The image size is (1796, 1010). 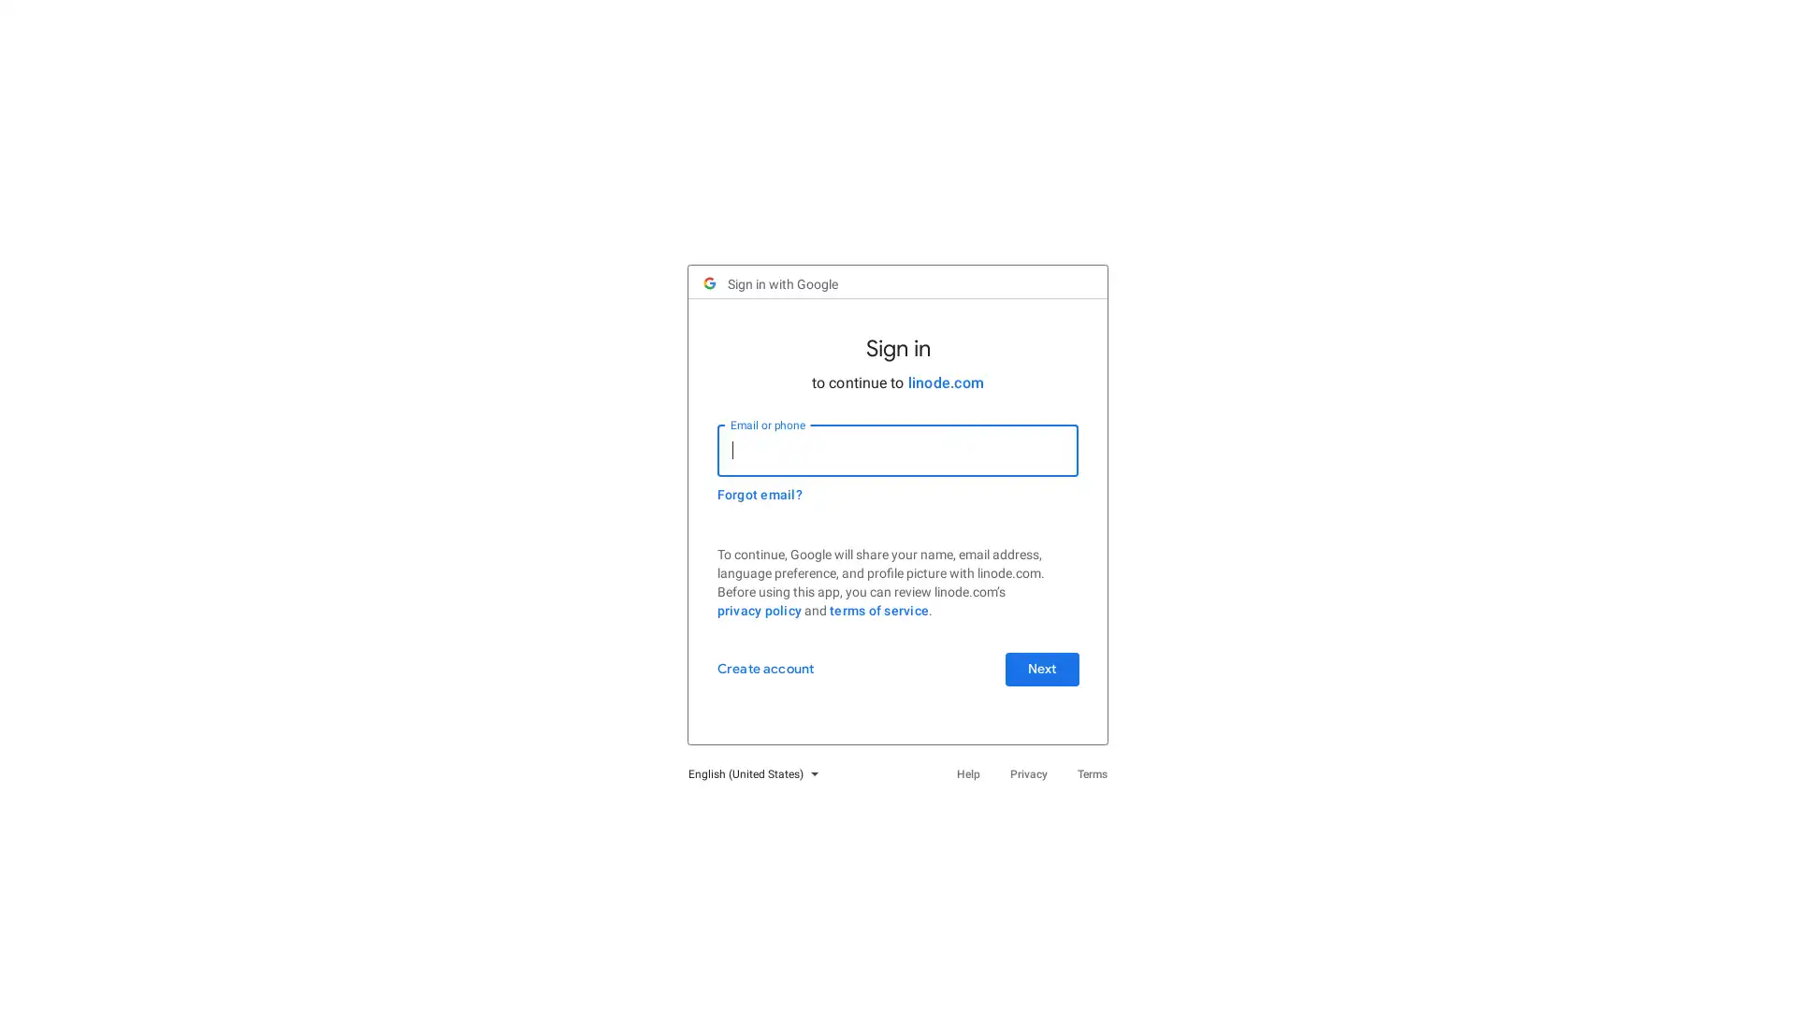 What do you see at coordinates (768, 500) in the screenshot?
I see `Forgot email?` at bounding box center [768, 500].